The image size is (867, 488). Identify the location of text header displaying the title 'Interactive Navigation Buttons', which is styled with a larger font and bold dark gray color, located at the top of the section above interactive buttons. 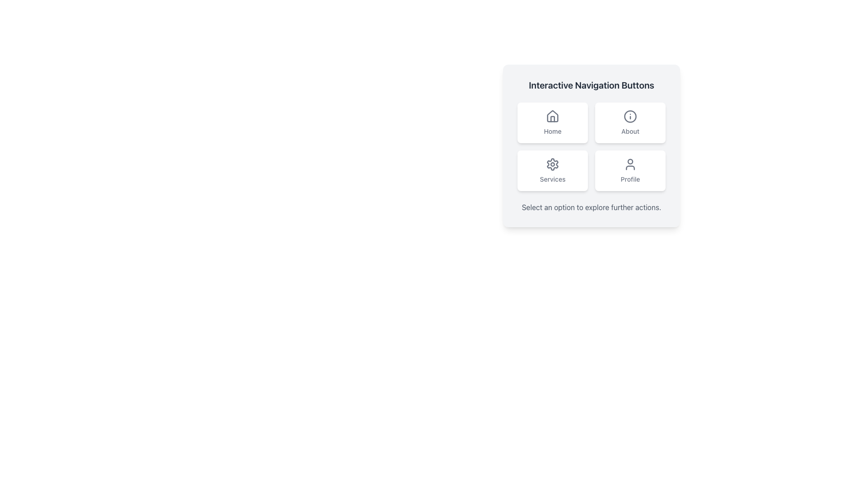
(592, 85).